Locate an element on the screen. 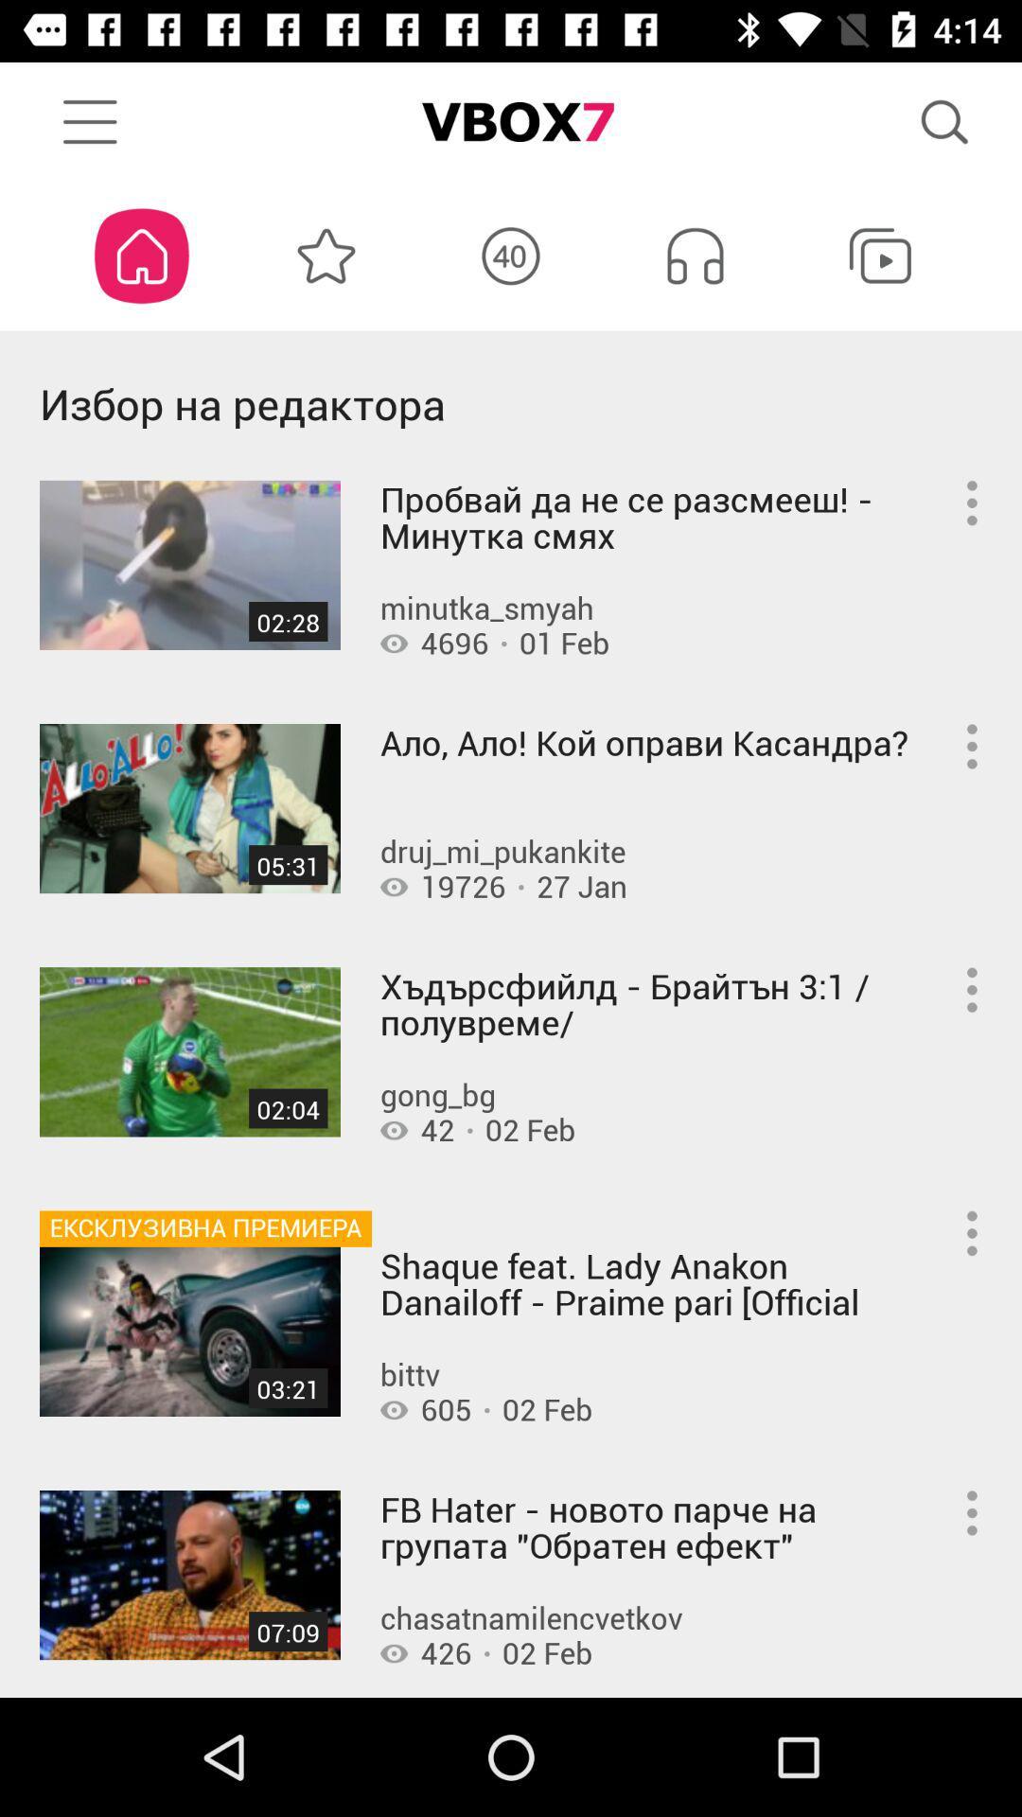 The image size is (1022, 1817). the third video box showing 0204 seconds is located at coordinates (189, 1051).